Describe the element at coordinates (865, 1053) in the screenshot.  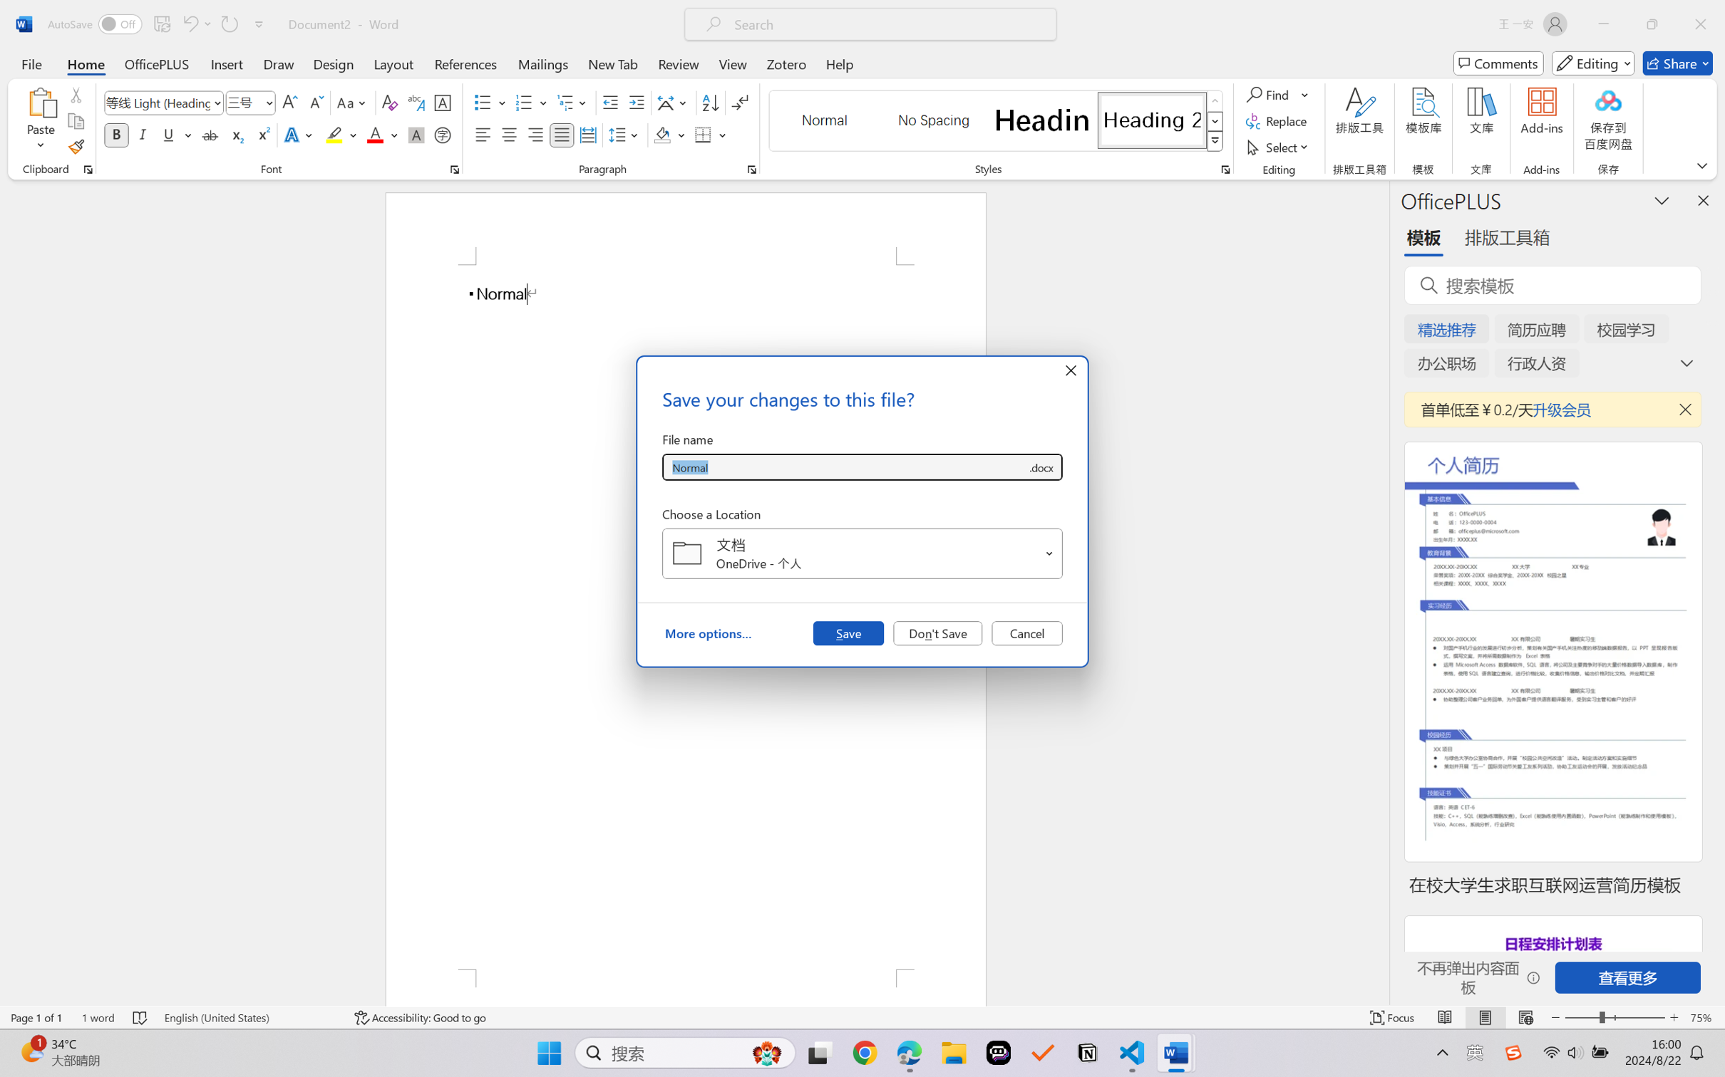
I see `'Google Chrome'` at that location.